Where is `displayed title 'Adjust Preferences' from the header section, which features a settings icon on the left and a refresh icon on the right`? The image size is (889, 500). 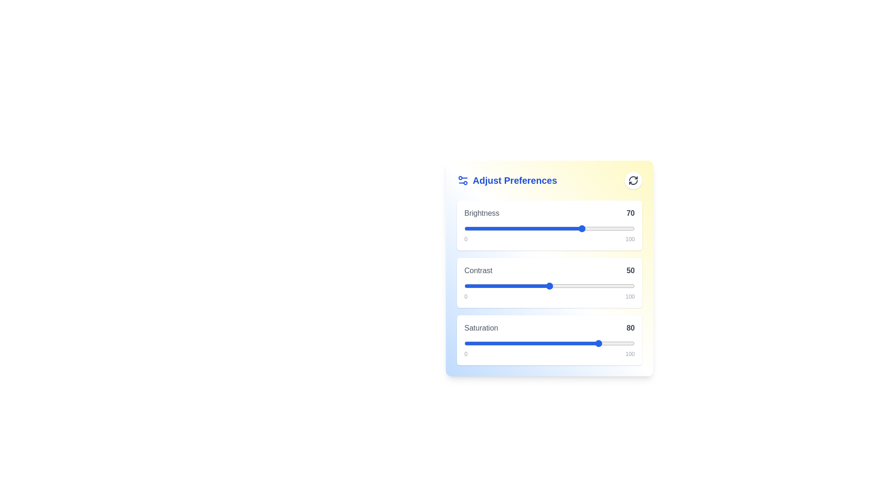
displayed title 'Adjust Preferences' from the header section, which features a settings icon on the left and a refresh icon on the right is located at coordinates (549, 180).